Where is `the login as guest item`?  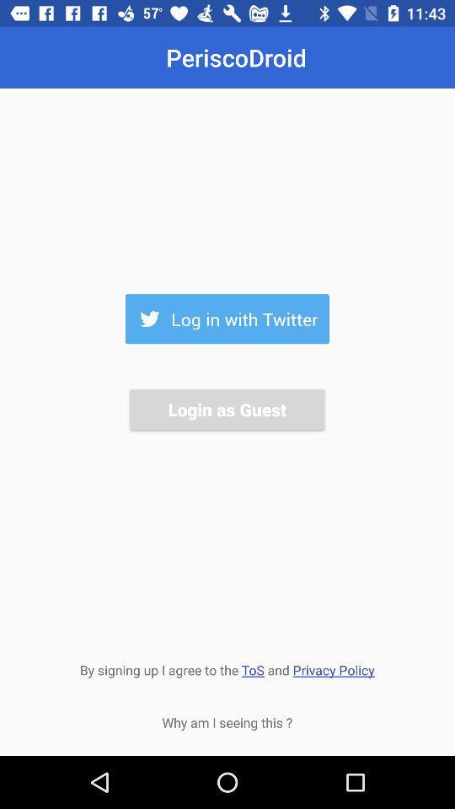
the login as guest item is located at coordinates (227, 408).